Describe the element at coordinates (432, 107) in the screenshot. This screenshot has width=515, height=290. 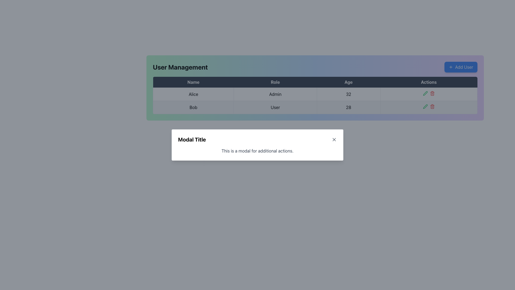
I see `the delete icon button located in the 'Actions' column of the second row for the user 'Bob'` at that location.